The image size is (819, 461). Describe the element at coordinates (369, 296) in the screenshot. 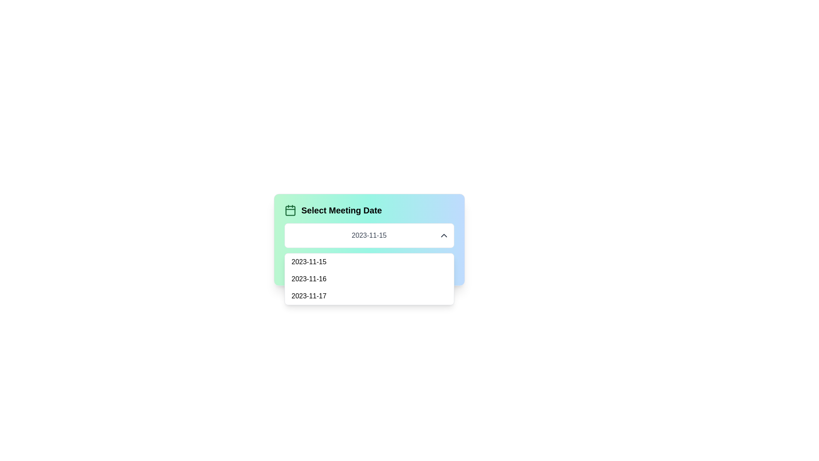

I see `the list item option for the date '2023-11-17' in the dropdown menu` at that location.